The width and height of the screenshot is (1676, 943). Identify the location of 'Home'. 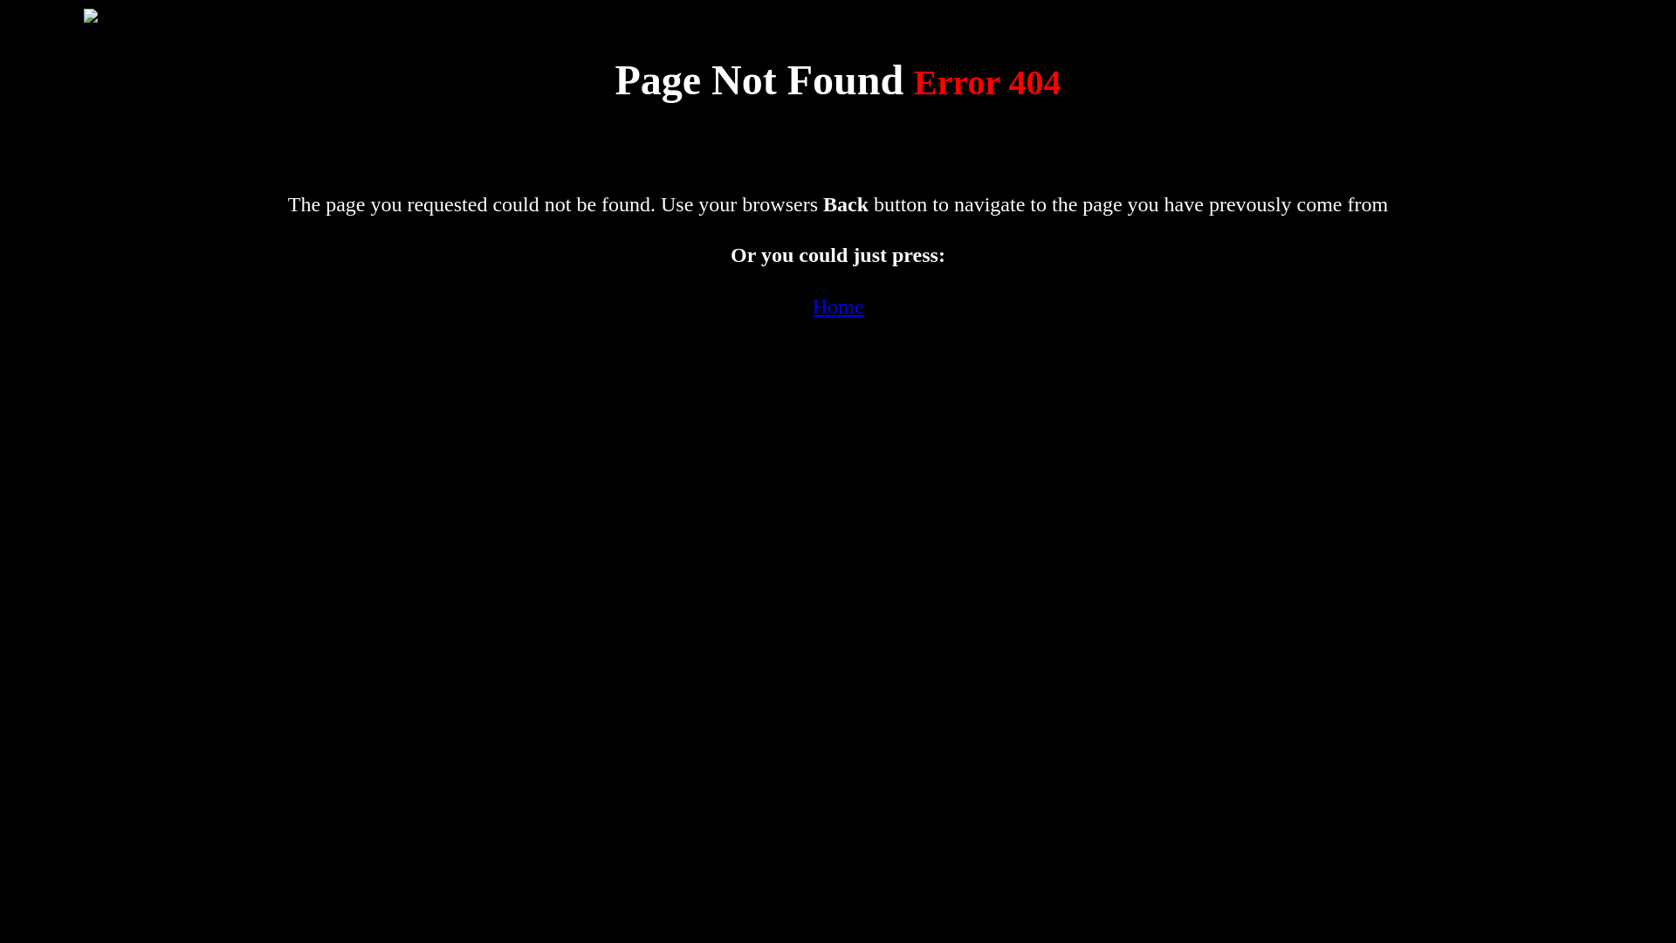
(838, 306).